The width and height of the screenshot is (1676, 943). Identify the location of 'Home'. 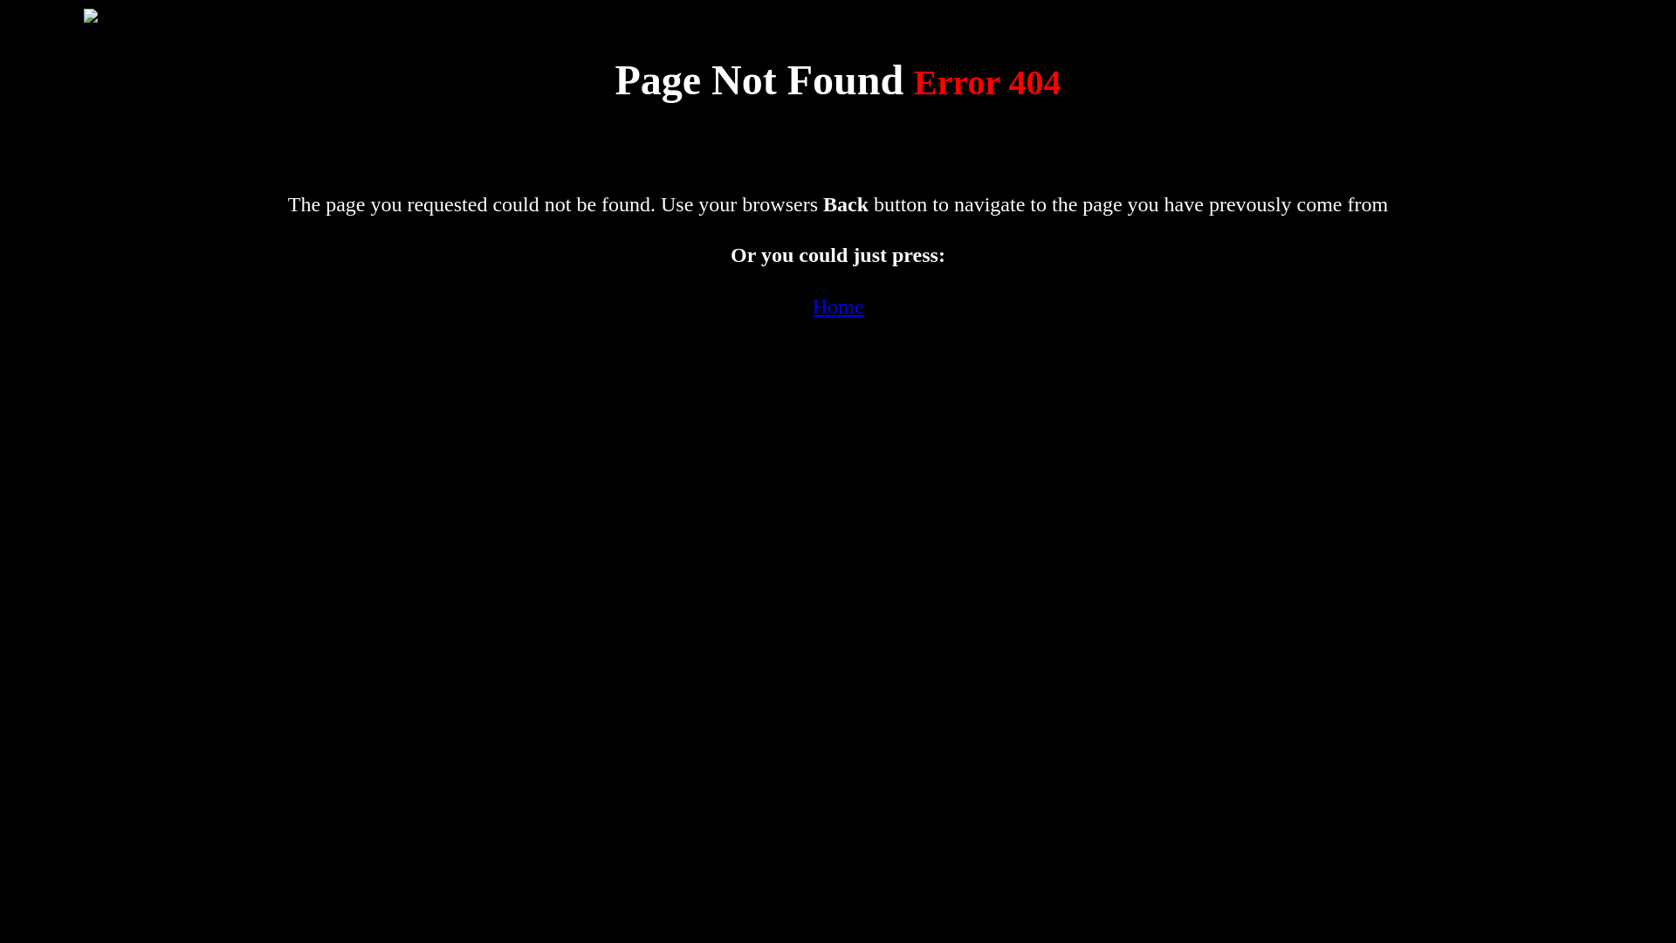
(838, 306).